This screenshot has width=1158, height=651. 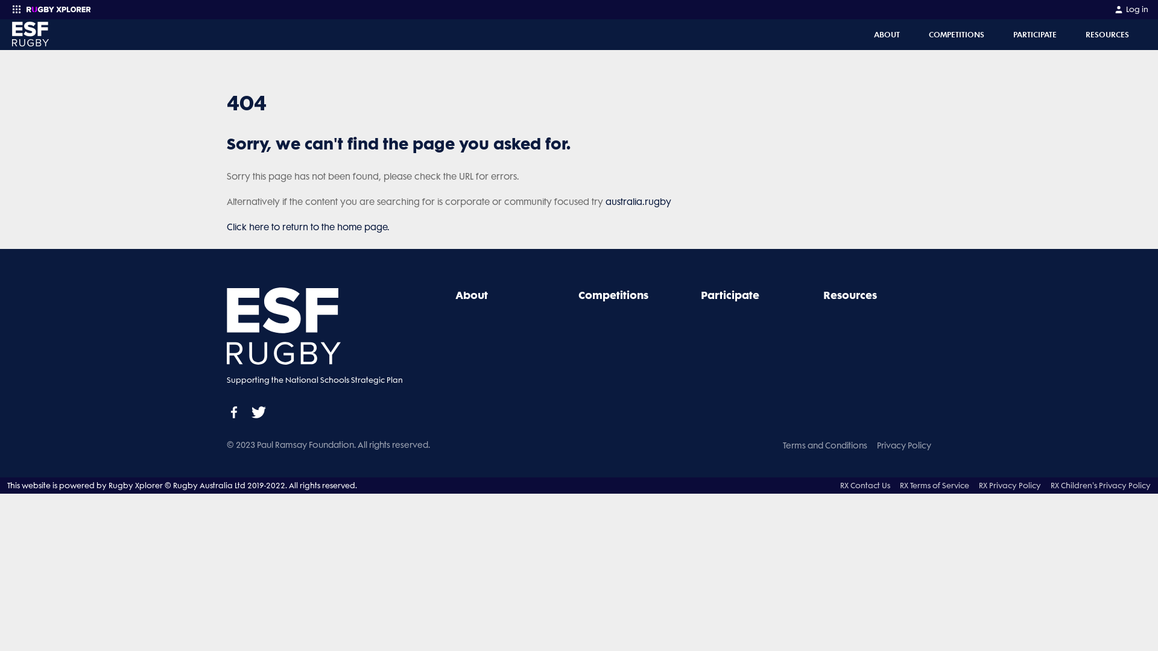 What do you see at coordinates (471, 295) in the screenshot?
I see `'About'` at bounding box center [471, 295].